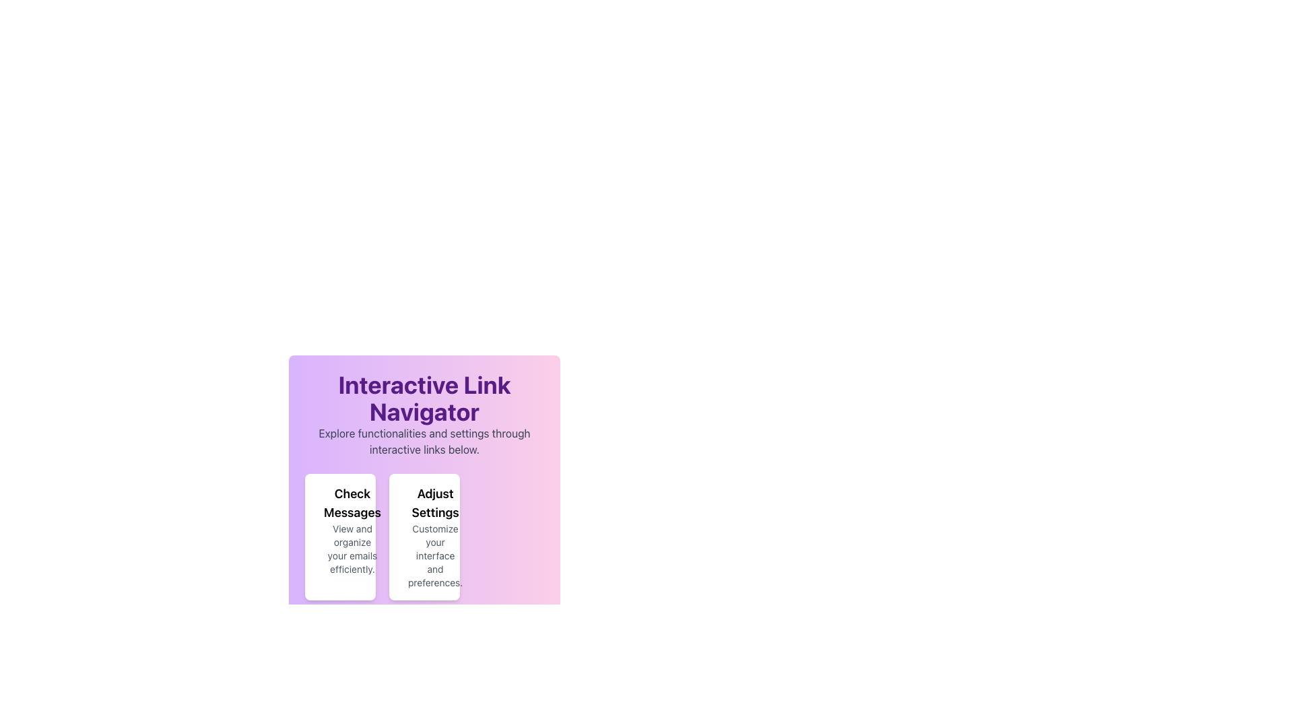 Image resolution: width=1293 pixels, height=727 pixels. What do you see at coordinates (424, 485) in the screenshot?
I see `the card titled 'Adjust Settings' which is the second card in a row of two cards, located on a white background with rounded corners` at bounding box center [424, 485].